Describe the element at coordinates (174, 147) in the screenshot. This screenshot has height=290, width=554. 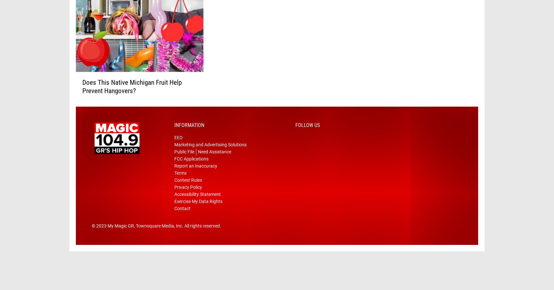
I see `'EEO'` at that location.